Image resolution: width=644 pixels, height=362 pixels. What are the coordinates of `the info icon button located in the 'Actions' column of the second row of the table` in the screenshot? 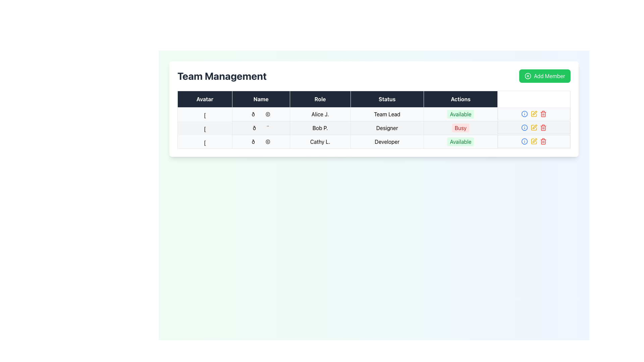 It's located at (524, 113).